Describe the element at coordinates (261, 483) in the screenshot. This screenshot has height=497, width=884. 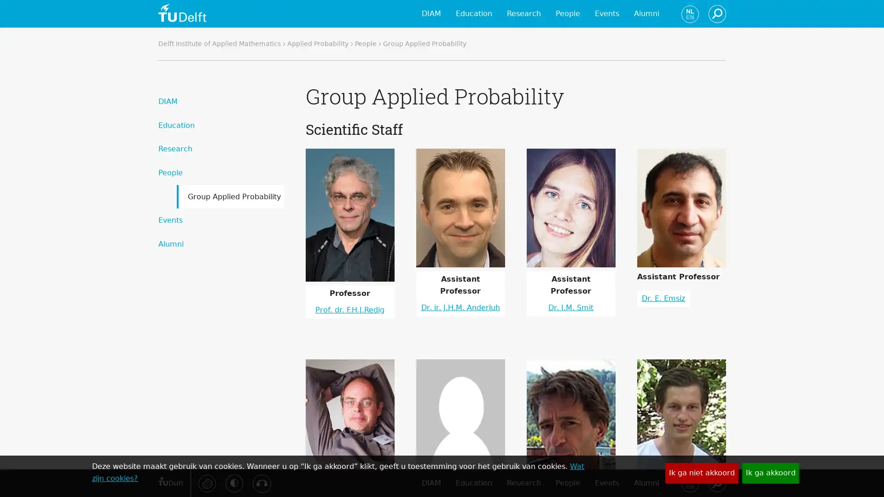
I see `Luister met de ReachDeck-werkbalk` at that location.